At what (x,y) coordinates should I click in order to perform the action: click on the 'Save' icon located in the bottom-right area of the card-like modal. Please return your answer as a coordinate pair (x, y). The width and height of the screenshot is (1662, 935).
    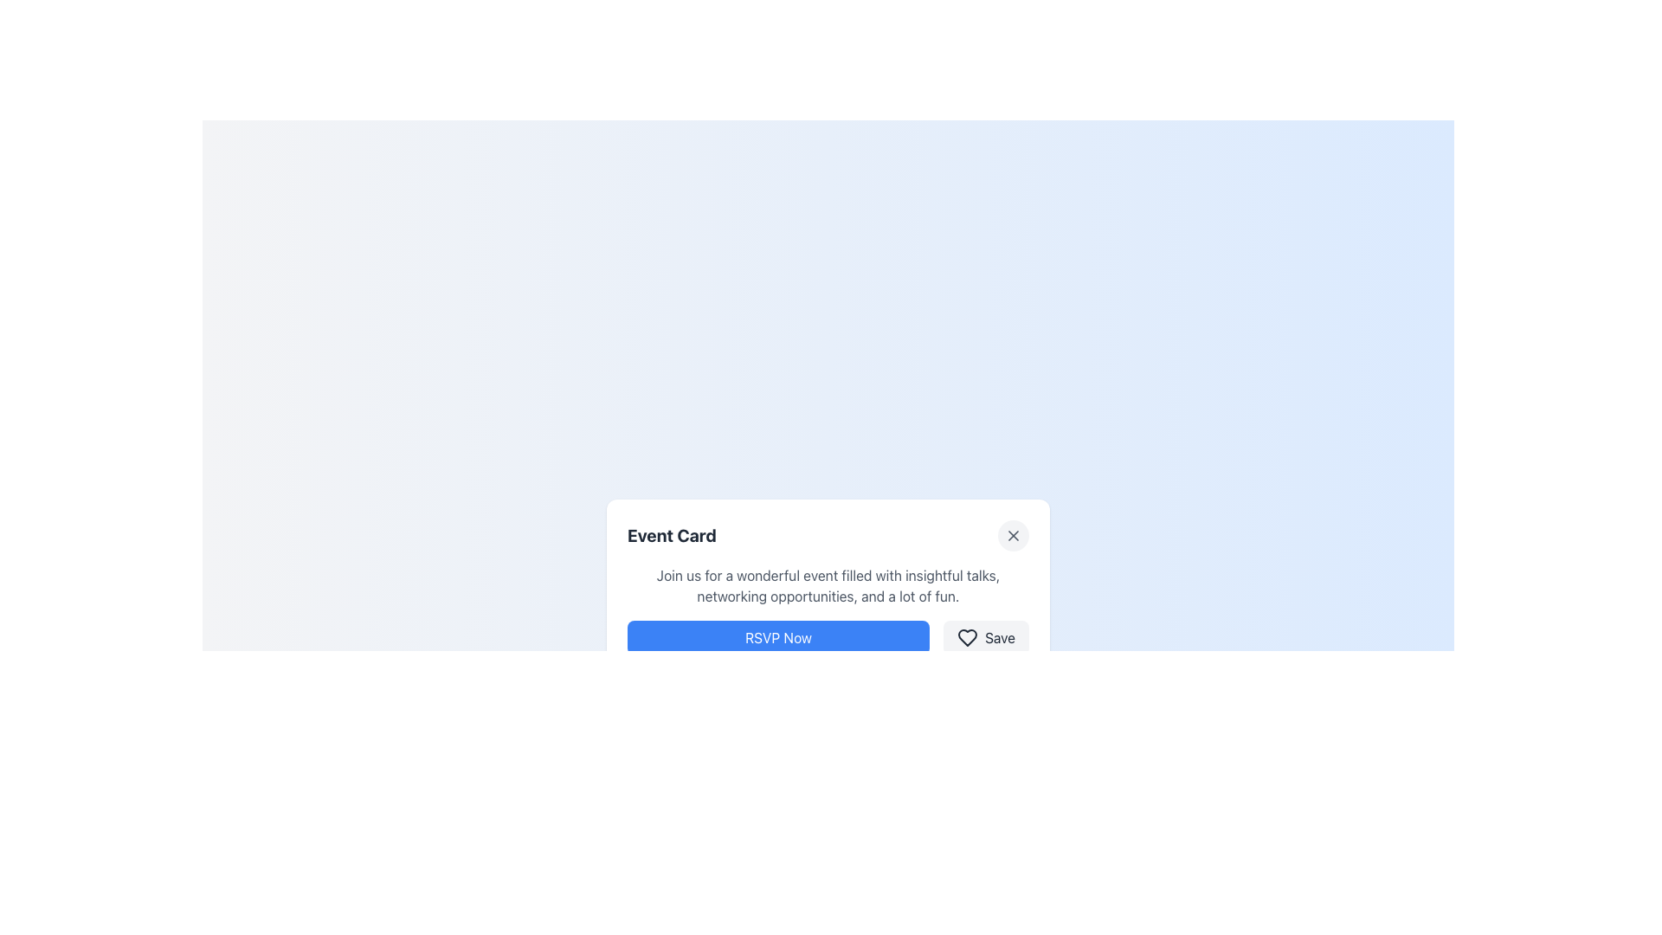
    Looking at the image, I should click on (967, 637).